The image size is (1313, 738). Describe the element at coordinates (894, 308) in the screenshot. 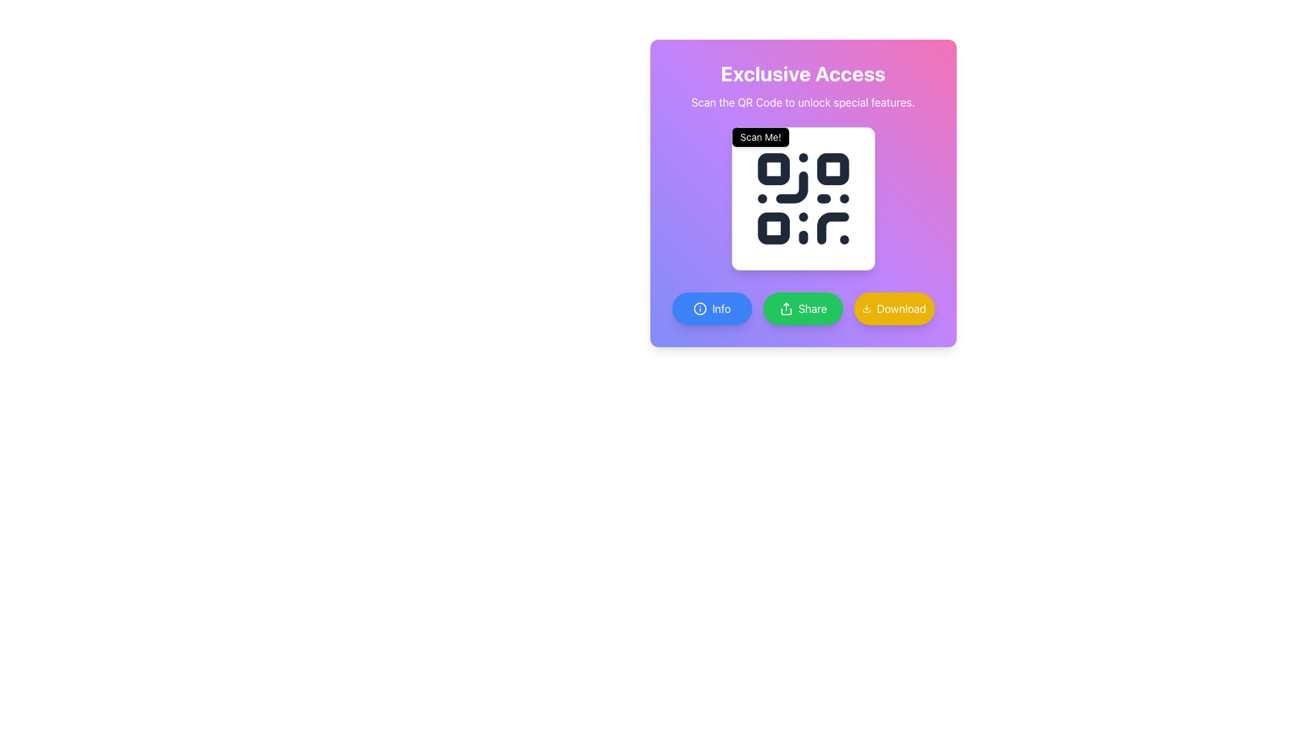

I see `the rounded yellow 'Download' button located at the bottom-right corner of the card to initiate the download process` at that location.